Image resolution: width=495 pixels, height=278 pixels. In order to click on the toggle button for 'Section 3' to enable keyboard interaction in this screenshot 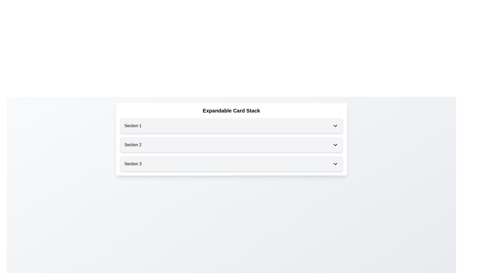, I will do `click(231, 164)`.